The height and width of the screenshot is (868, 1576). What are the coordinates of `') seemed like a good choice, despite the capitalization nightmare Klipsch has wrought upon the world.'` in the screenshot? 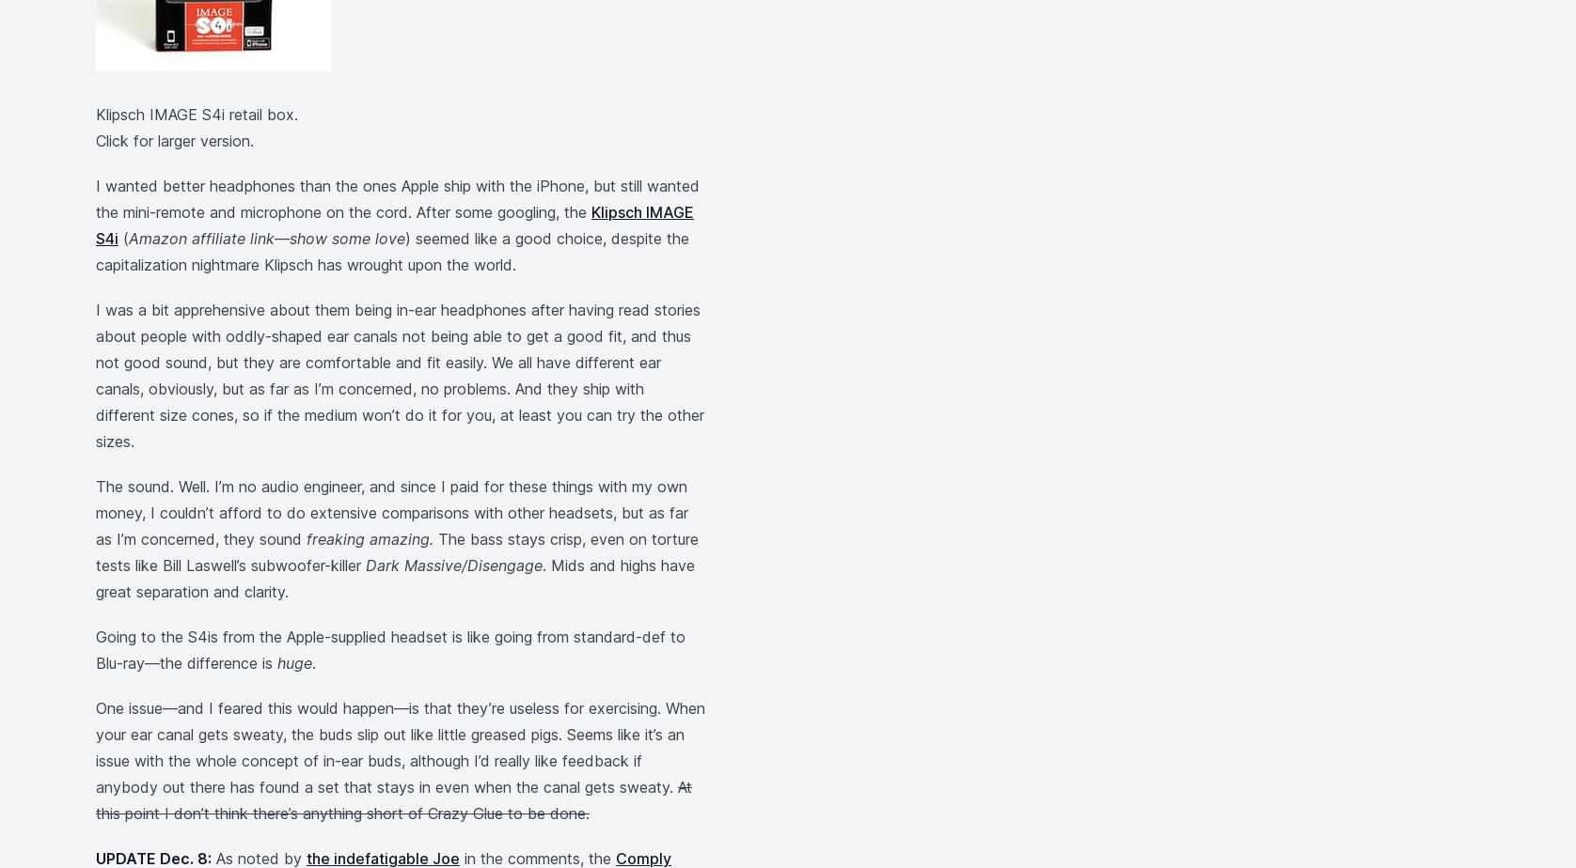 It's located at (391, 251).